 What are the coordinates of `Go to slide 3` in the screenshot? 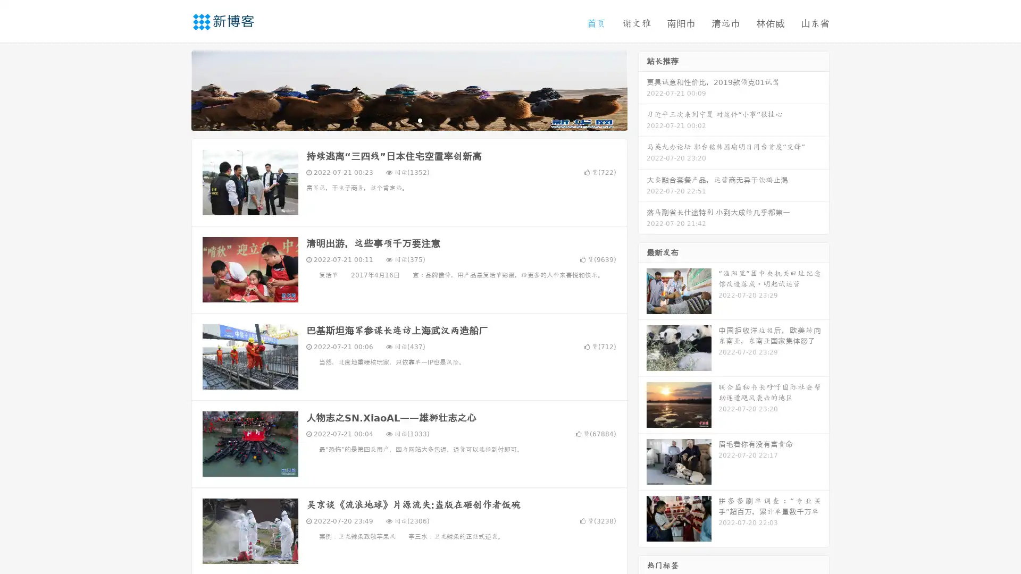 It's located at (420, 120).